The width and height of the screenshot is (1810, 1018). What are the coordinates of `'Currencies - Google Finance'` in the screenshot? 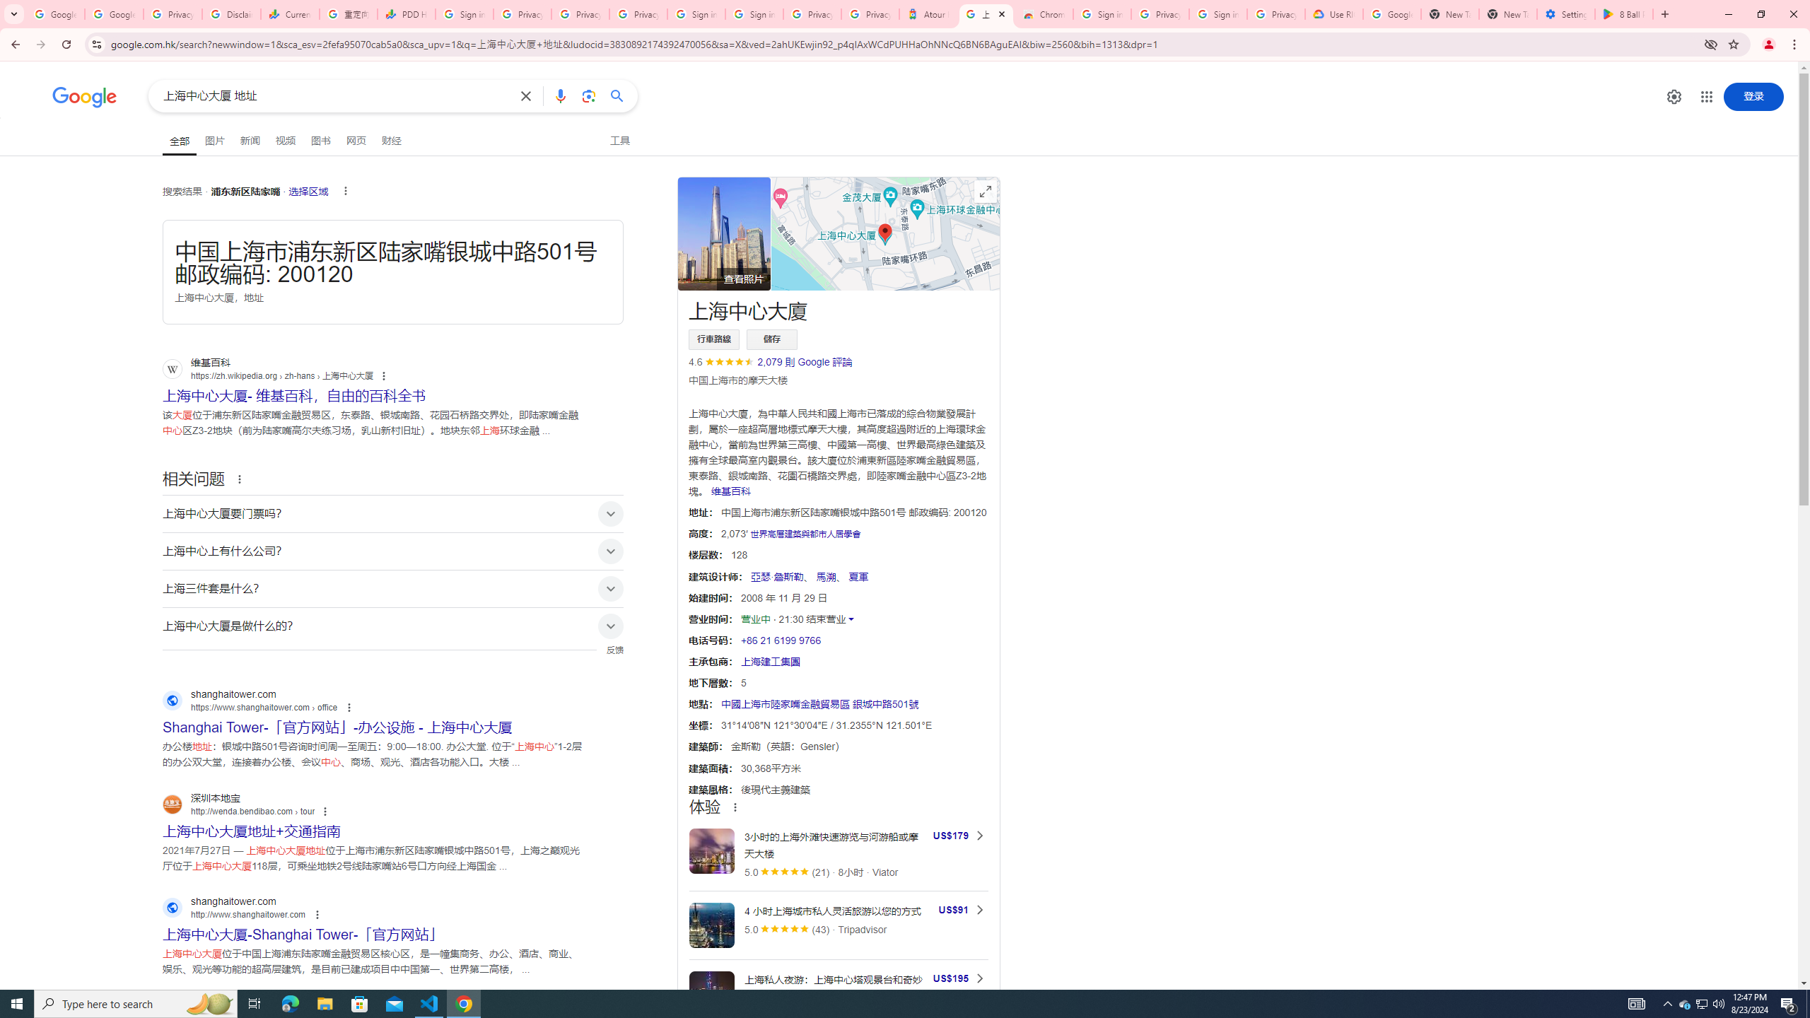 It's located at (289, 13).